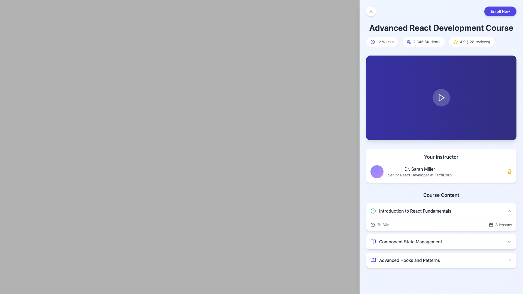 This screenshot has height=294, width=523. What do you see at coordinates (371, 11) in the screenshot?
I see `the circular button with a white background and gray X icon at the top-left corner of the interface` at bounding box center [371, 11].